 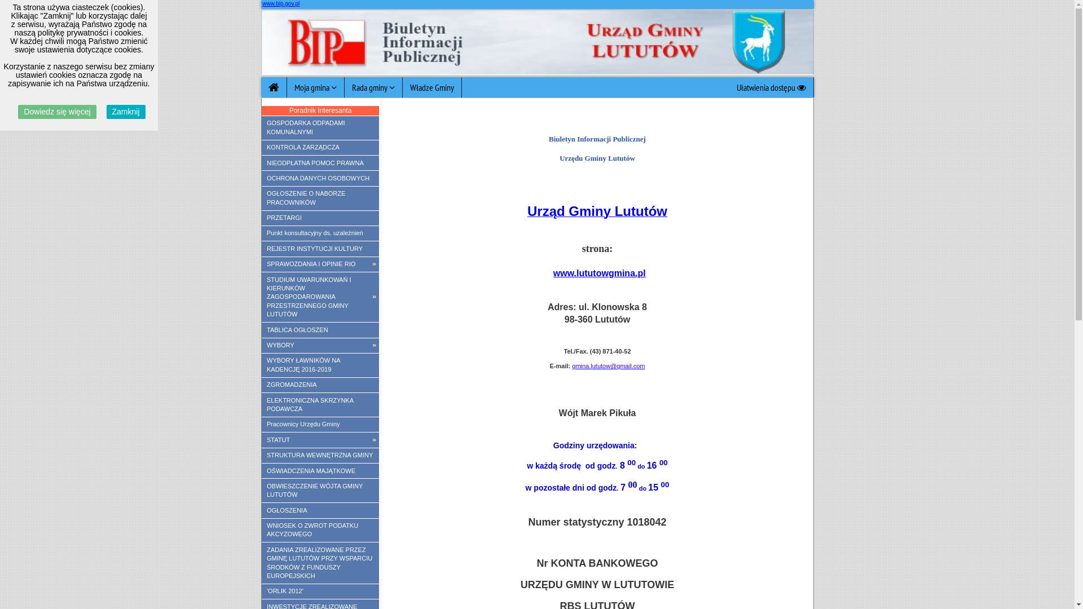 What do you see at coordinates (598, 273) in the screenshot?
I see `'www.lututowgmina.pl'` at bounding box center [598, 273].